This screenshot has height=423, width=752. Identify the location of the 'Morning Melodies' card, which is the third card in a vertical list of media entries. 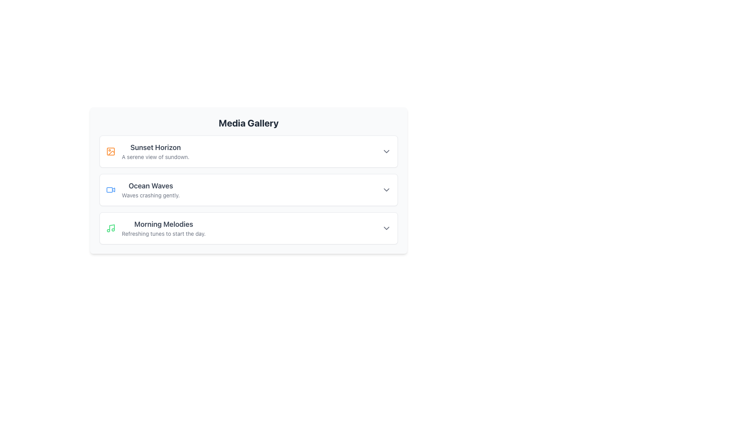
(248, 228).